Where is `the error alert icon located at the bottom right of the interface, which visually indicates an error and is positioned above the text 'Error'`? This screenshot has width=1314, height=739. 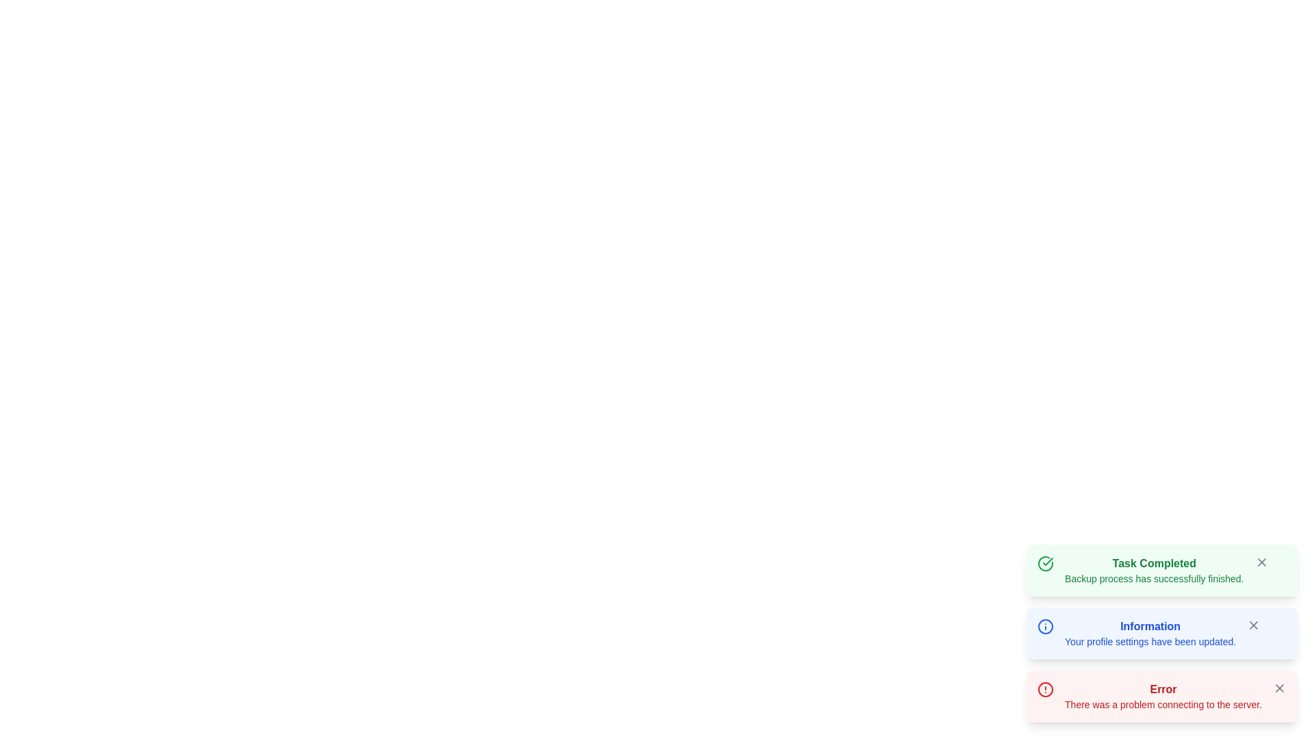 the error alert icon located at the bottom right of the interface, which visually indicates an error and is positioned above the text 'Error' is located at coordinates (1045, 689).